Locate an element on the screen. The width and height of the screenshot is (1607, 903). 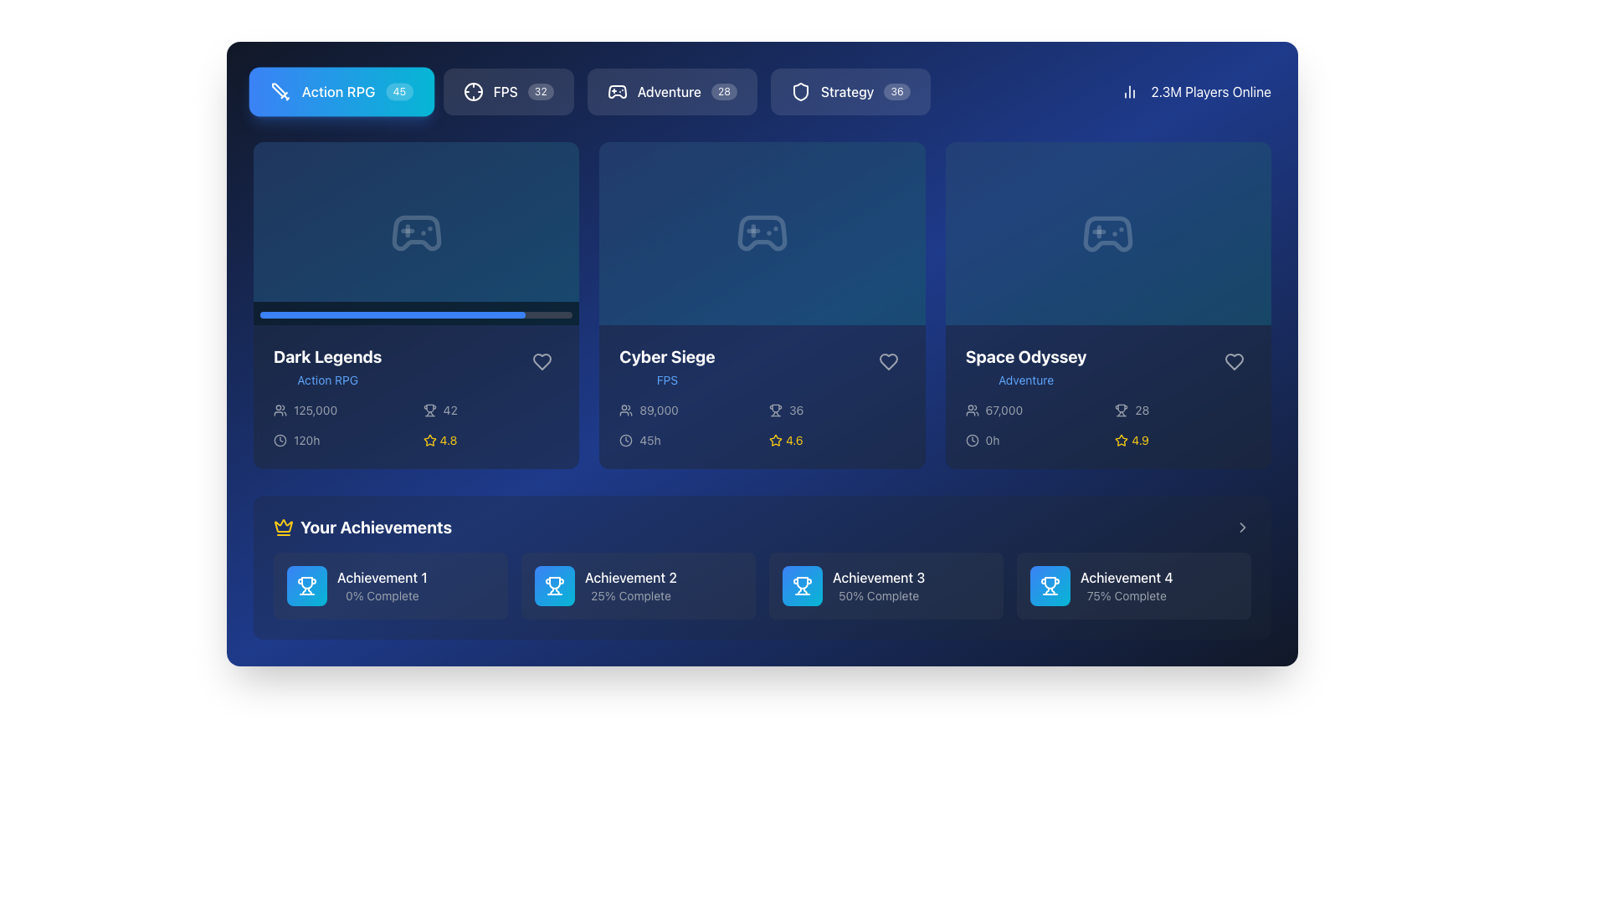
the prominent yellow crown-shaped icon located to the left of the 'Your Achievements' text in the header section is located at coordinates (284, 528).